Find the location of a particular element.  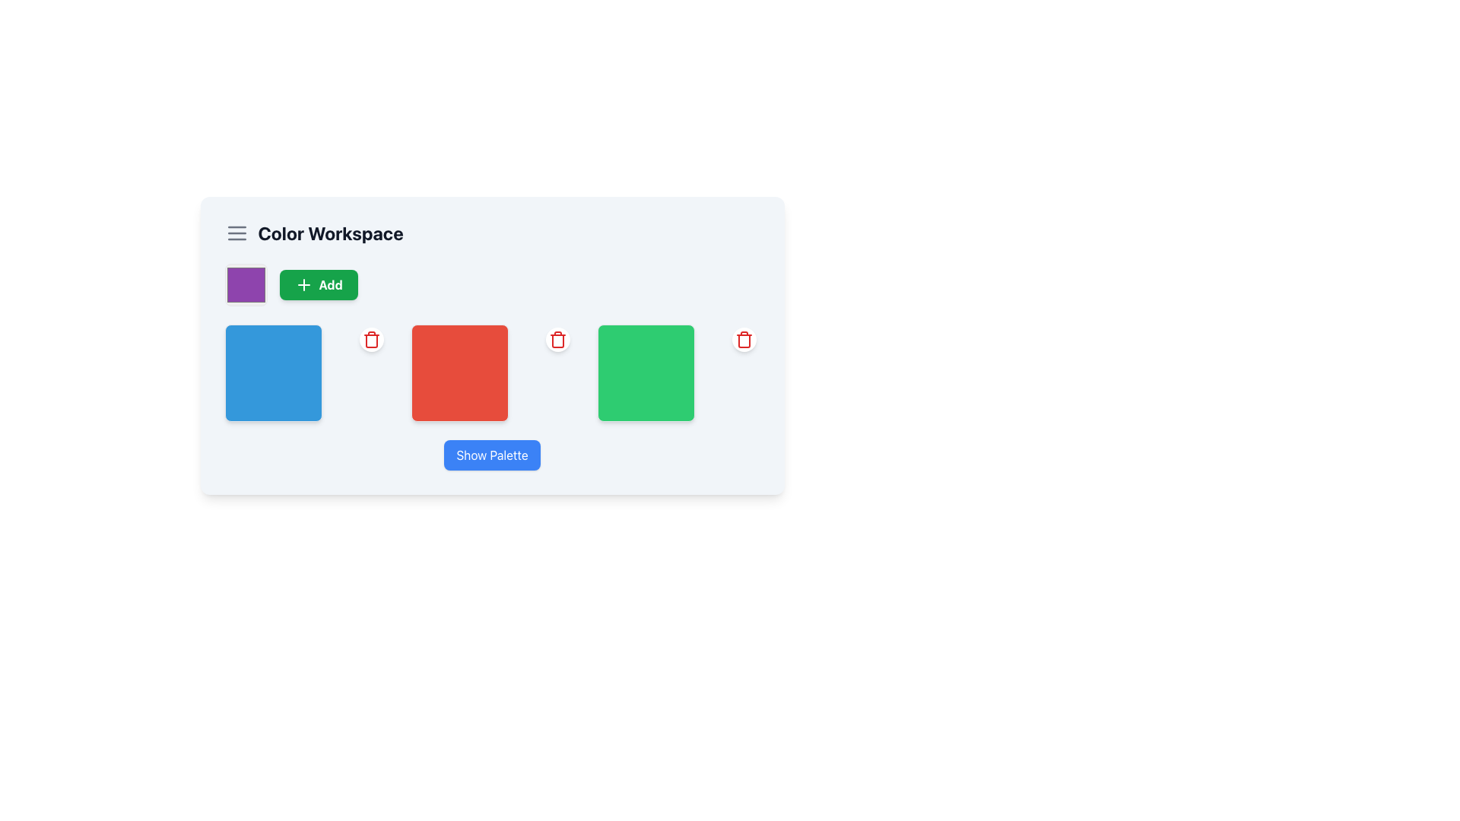

the trash can icon with a red border is located at coordinates (371, 340).